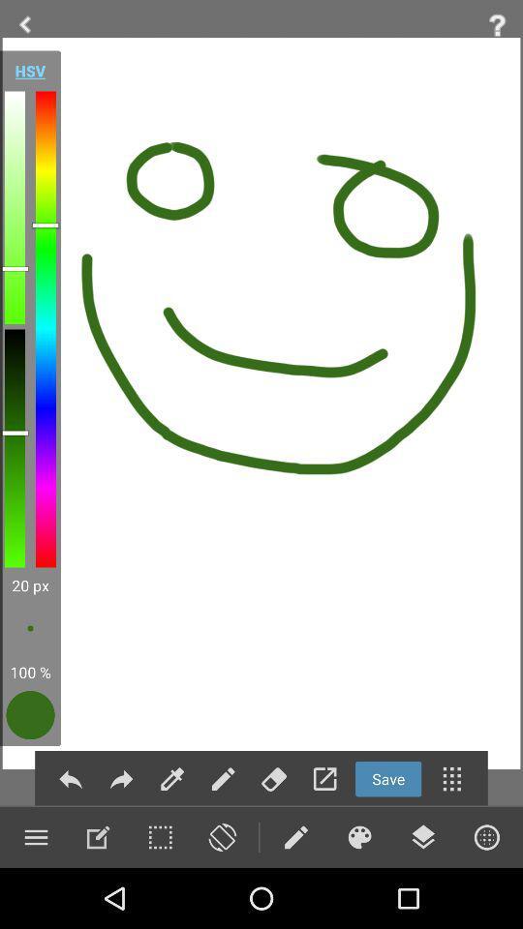 The width and height of the screenshot is (523, 929). What do you see at coordinates (485, 836) in the screenshot?
I see `more` at bounding box center [485, 836].